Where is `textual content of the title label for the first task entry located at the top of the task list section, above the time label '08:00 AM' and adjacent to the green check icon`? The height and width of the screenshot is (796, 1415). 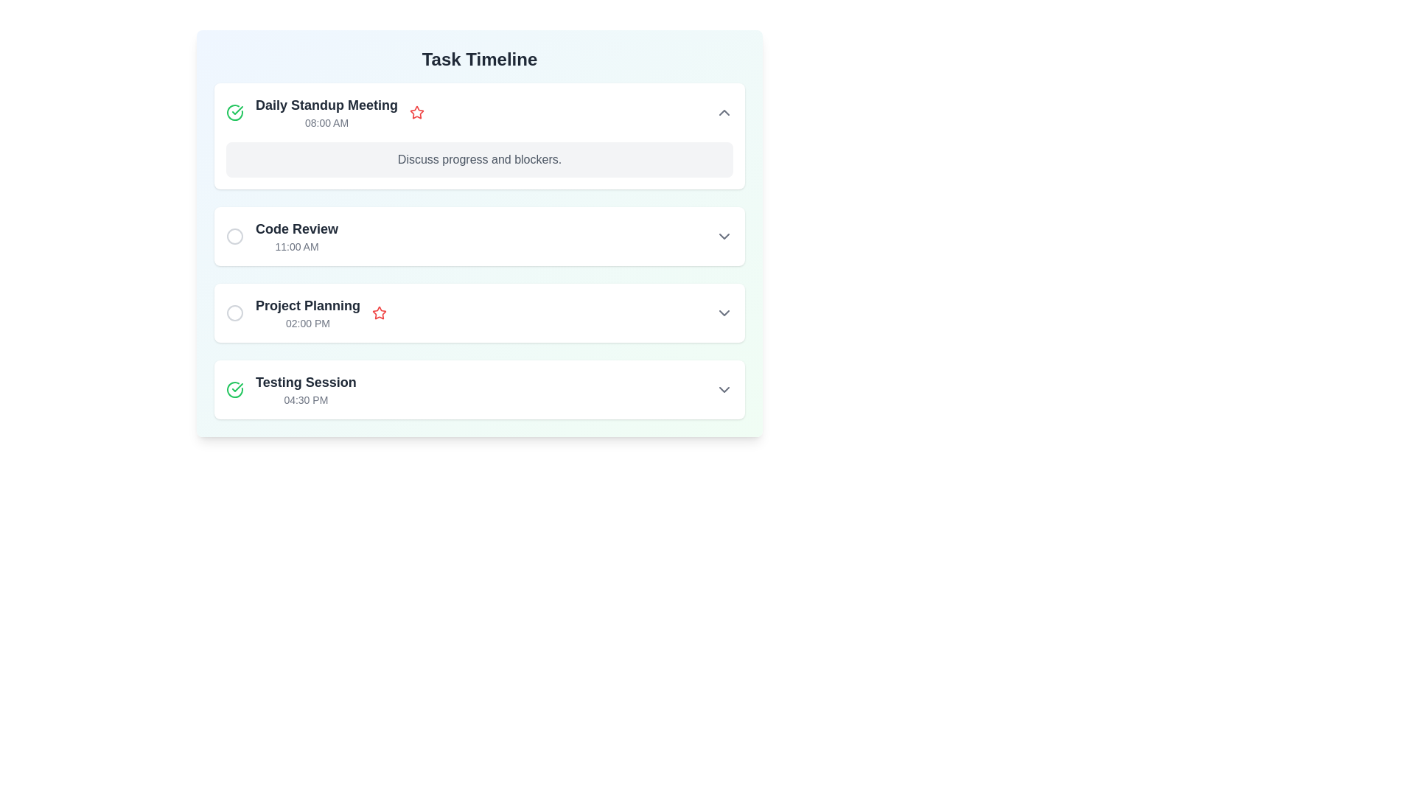 textual content of the title label for the first task entry located at the top of the task list section, above the time label '08:00 AM' and adjacent to the green check icon is located at coordinates (326, 104).